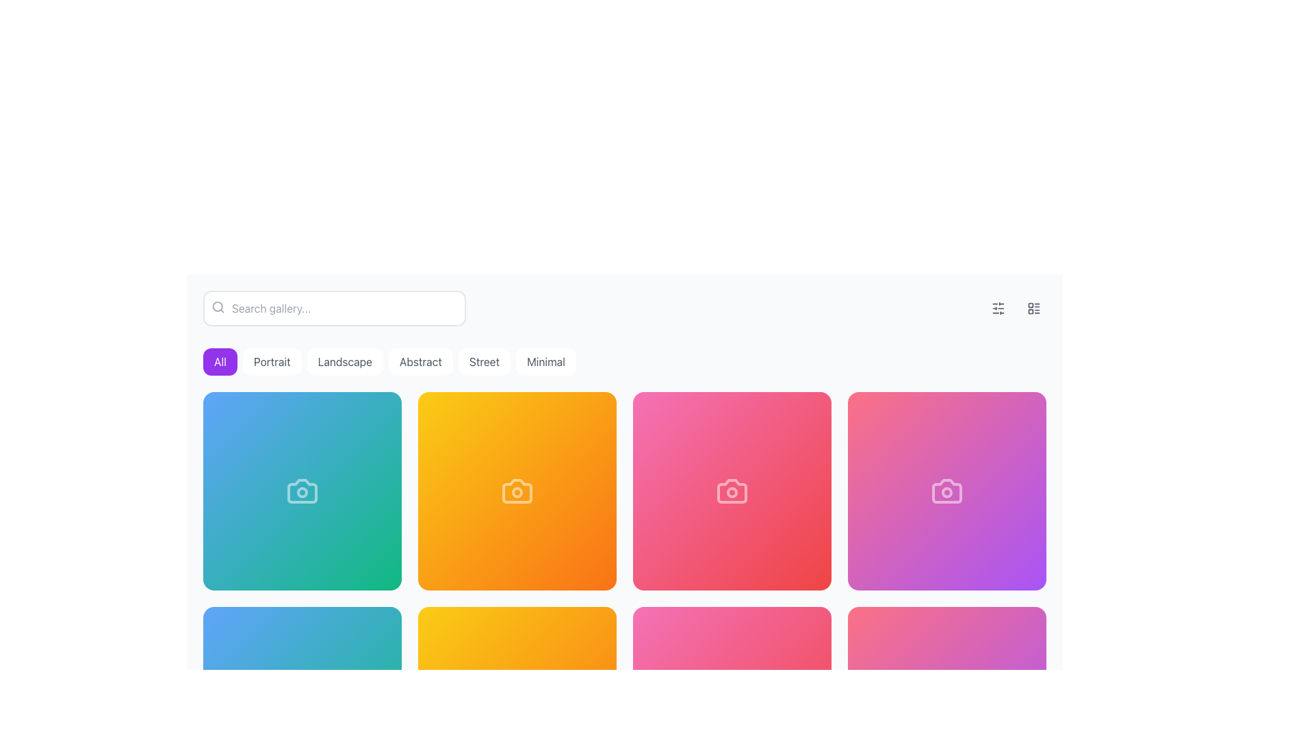 The height and width of the screenshot is (739, 1314). Describe the element at coordinates (999, 309) in the screenshot. I see `the first button on the top-right side of the layout, which is used to adjust settings or access a control panel related to filters or configurations` at that location.